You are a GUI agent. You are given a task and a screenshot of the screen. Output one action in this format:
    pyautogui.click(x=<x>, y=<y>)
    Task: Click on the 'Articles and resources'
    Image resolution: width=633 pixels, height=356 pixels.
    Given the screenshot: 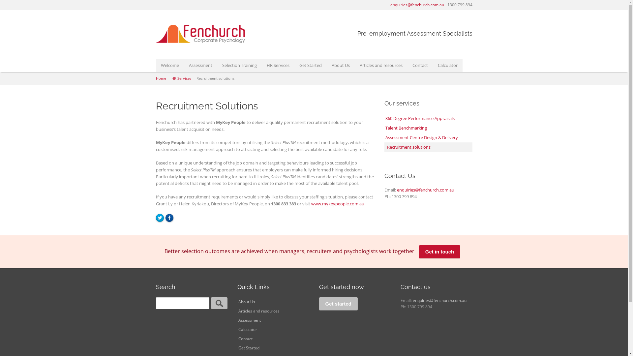 What is the action you would take?
    pyautogui.click(x=273, y=311)
    